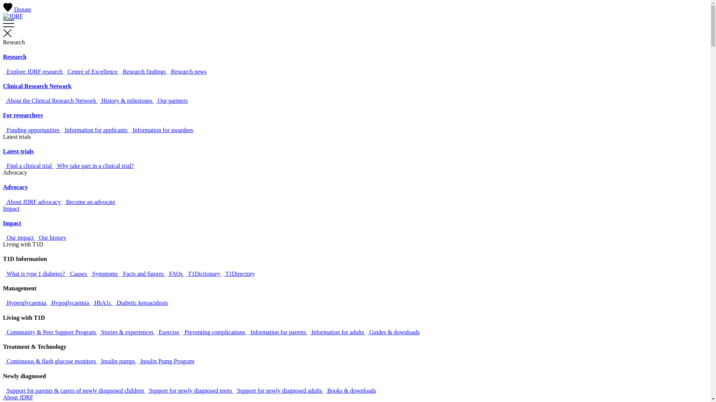 The height and width of the screenshot is (402, 716). What do you see at coordinates (189, 390) in the screenshot?
I see `'Support for newly diagnosed teens'` at bounding box center [189, 390].